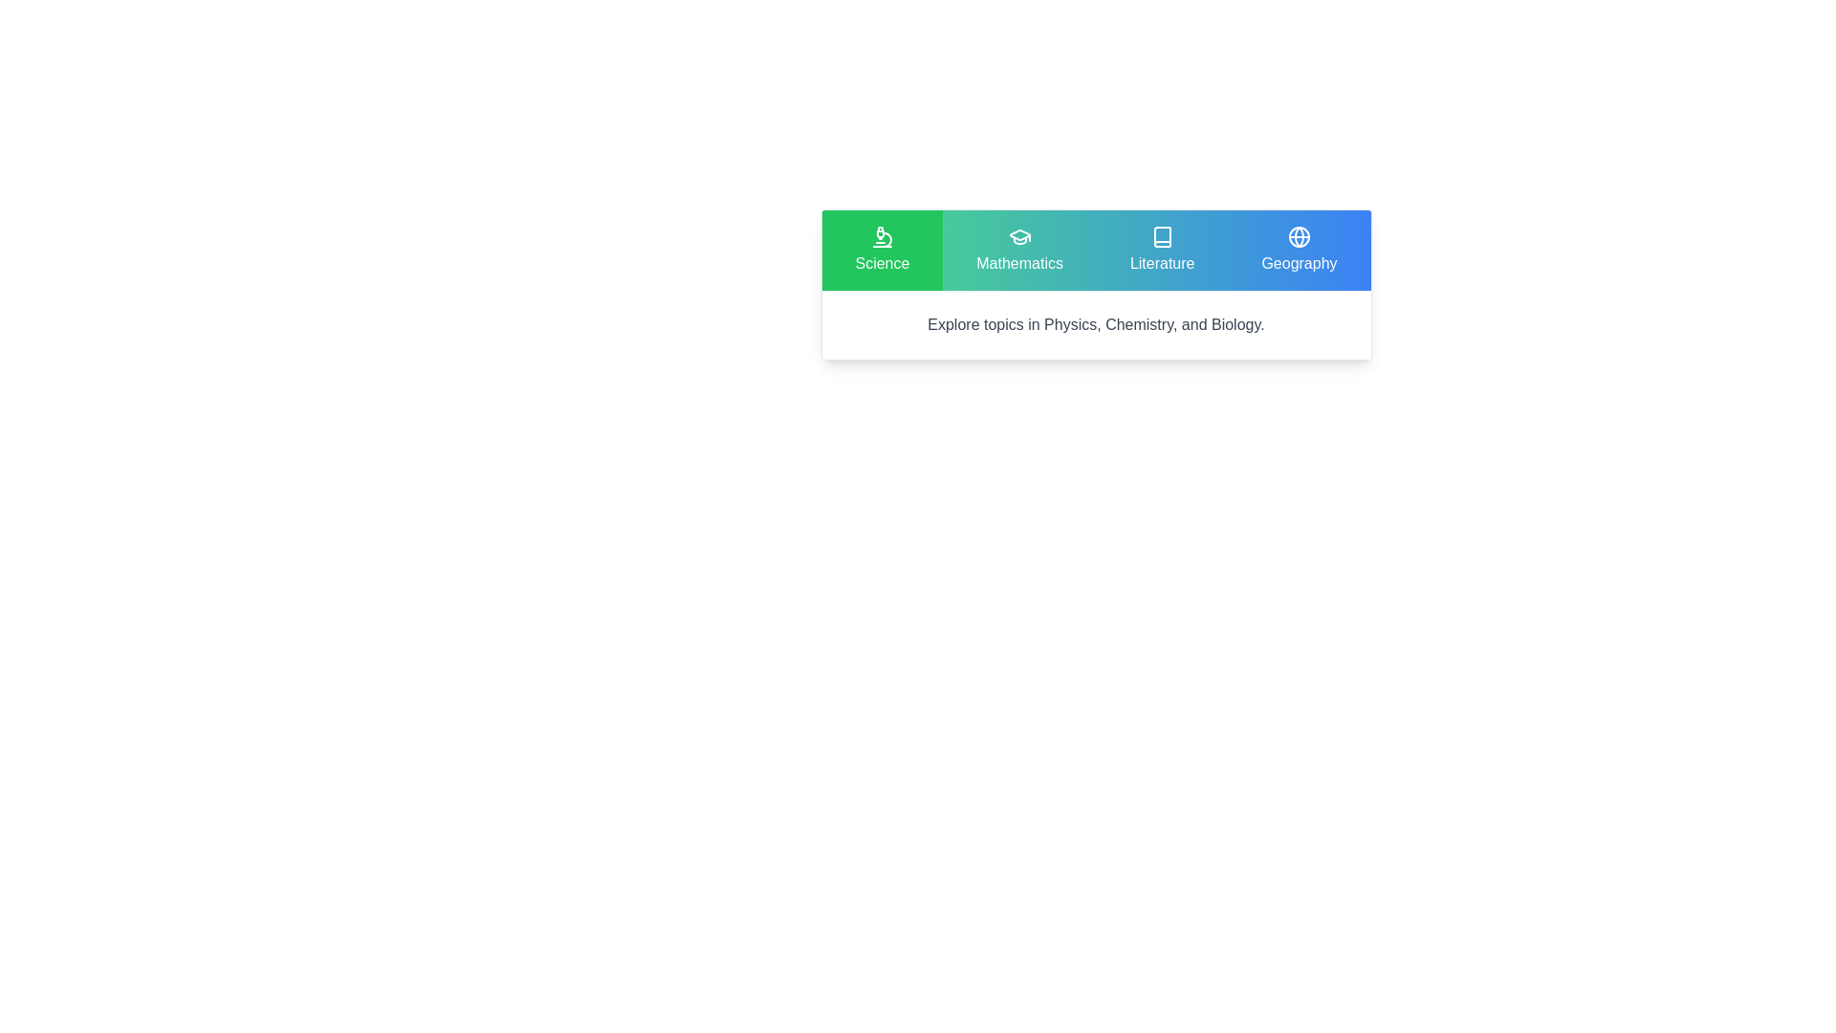  What do you see at coordinates (1161, 250) in the screenshot?
I see `'Literature' button, which is a rectangular button with a blue gradient background and a white book icon, located as the third button in a horizontal row of four` at bounding box center [1161, 250].